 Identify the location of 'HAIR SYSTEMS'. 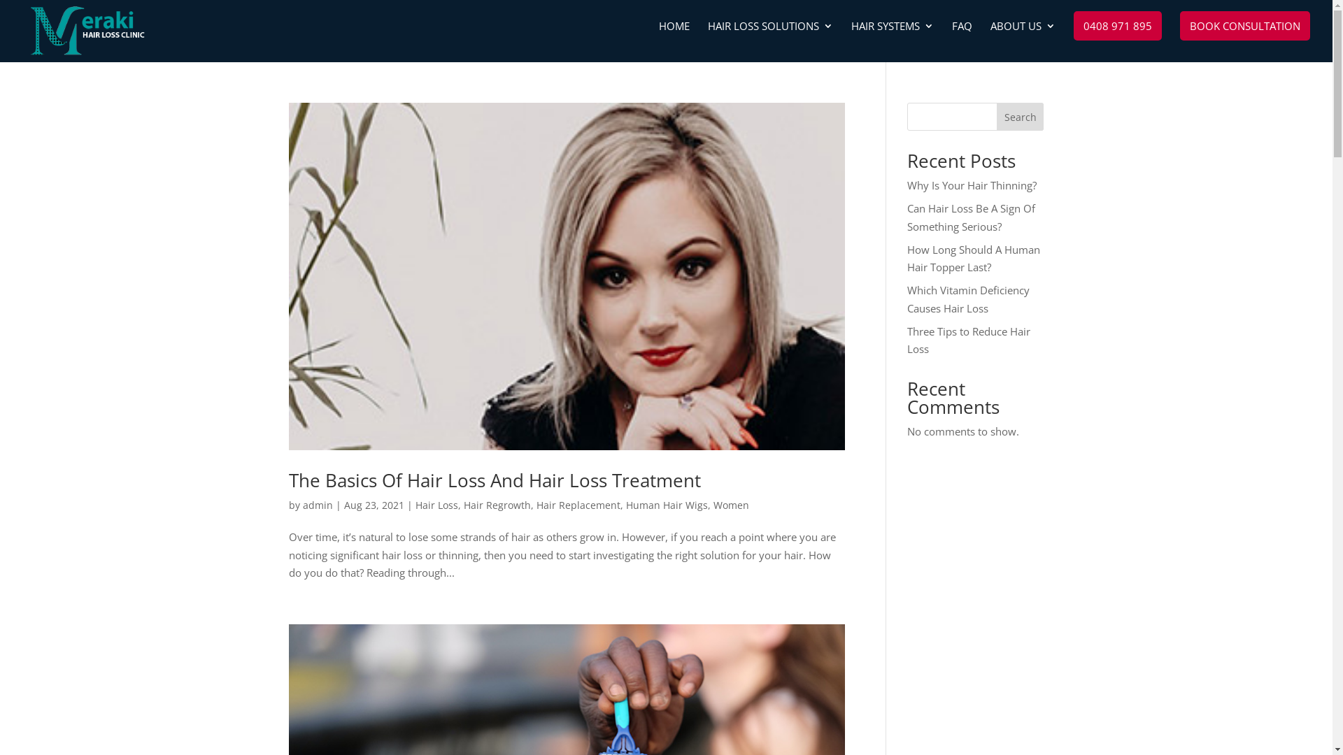
(892, 41).